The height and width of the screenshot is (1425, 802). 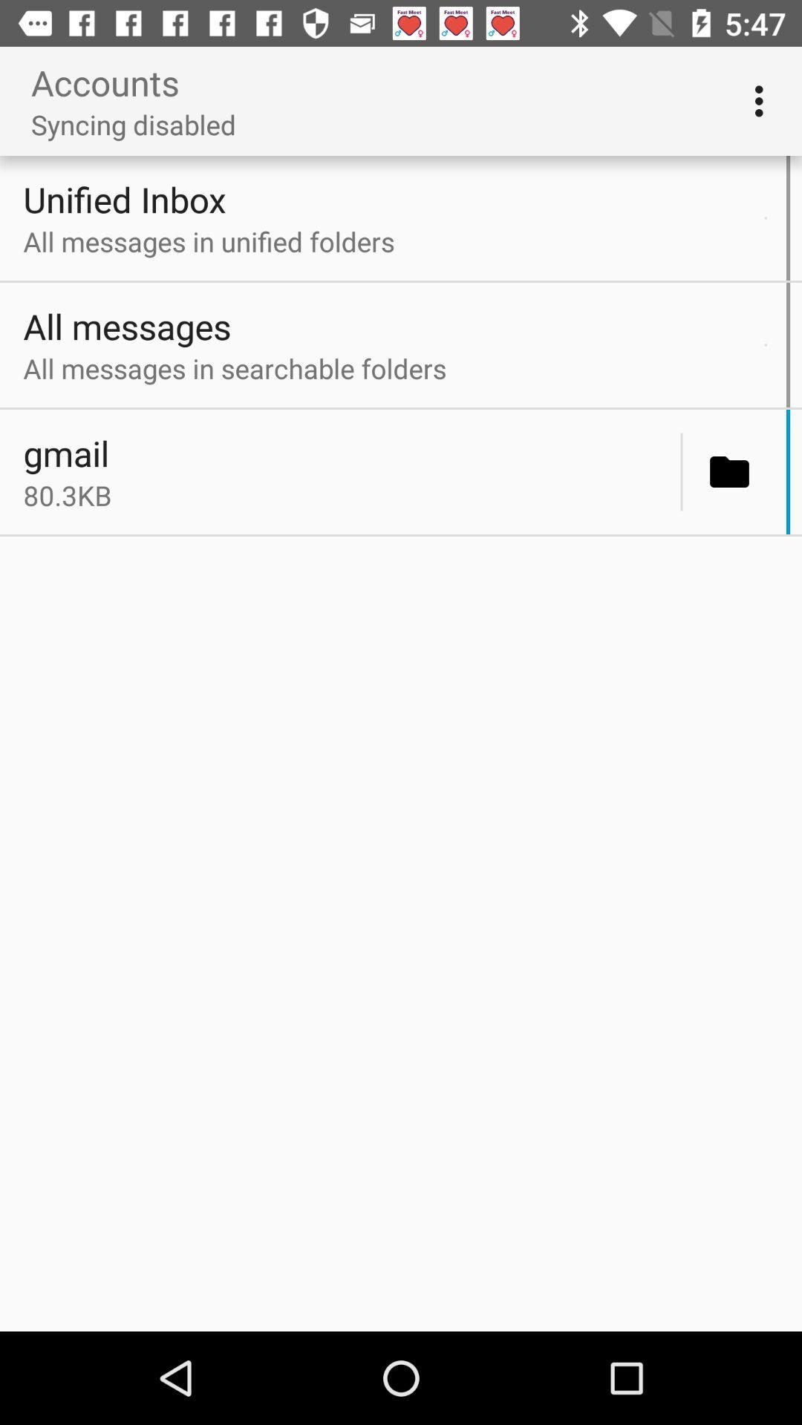 I want to click on the icon above the 80.3kb item, so click(x=348, y=452).